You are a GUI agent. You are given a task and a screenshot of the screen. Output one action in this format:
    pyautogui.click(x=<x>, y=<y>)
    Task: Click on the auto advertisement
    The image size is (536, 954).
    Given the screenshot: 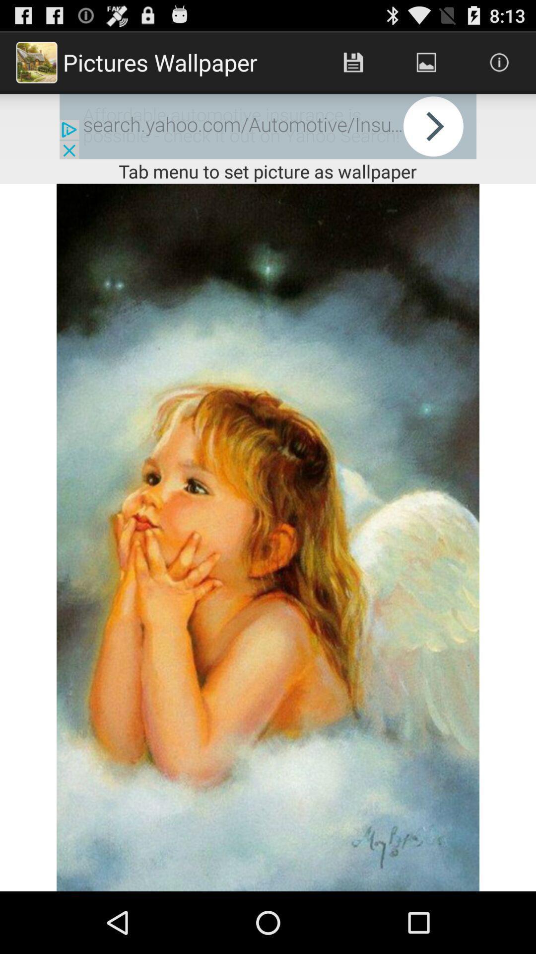 What is the action you would take?
    pyautogui.click(x=268, y=126)
    